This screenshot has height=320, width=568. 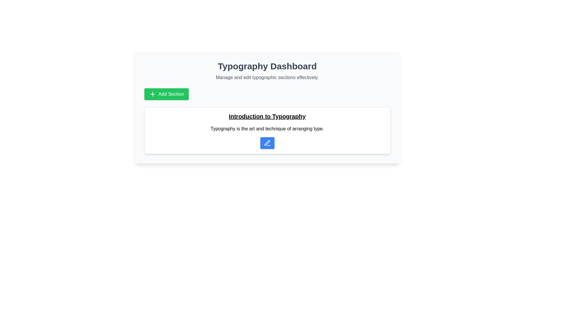 I want to click on the 'Add Section' button, which is represented by a plus sign icon located towards the top-left corner of the page, within a green rectangle adjacent to the 'Typography Dashboard' header, so click(x=152, y=94).